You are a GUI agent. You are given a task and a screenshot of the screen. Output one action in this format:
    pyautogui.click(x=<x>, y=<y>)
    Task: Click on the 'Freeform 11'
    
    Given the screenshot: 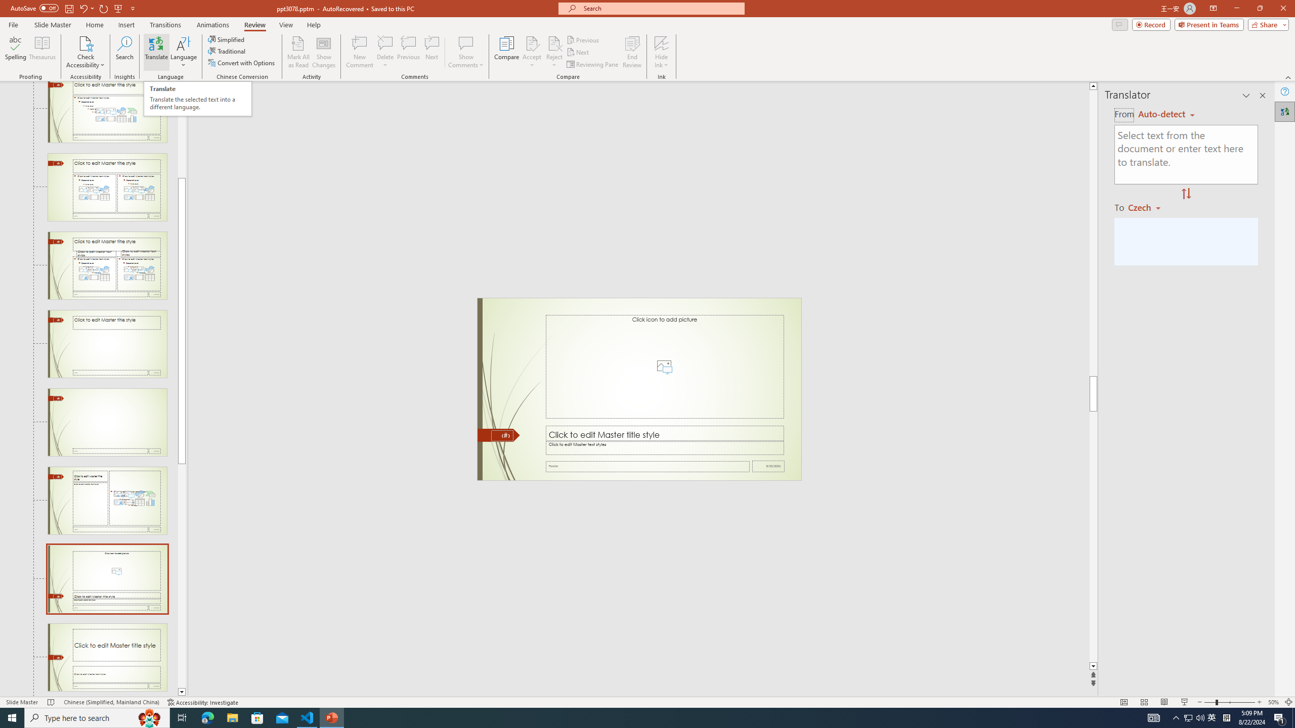 What is the action you would take?
    pyautogui.click(x=499, y=435)
    